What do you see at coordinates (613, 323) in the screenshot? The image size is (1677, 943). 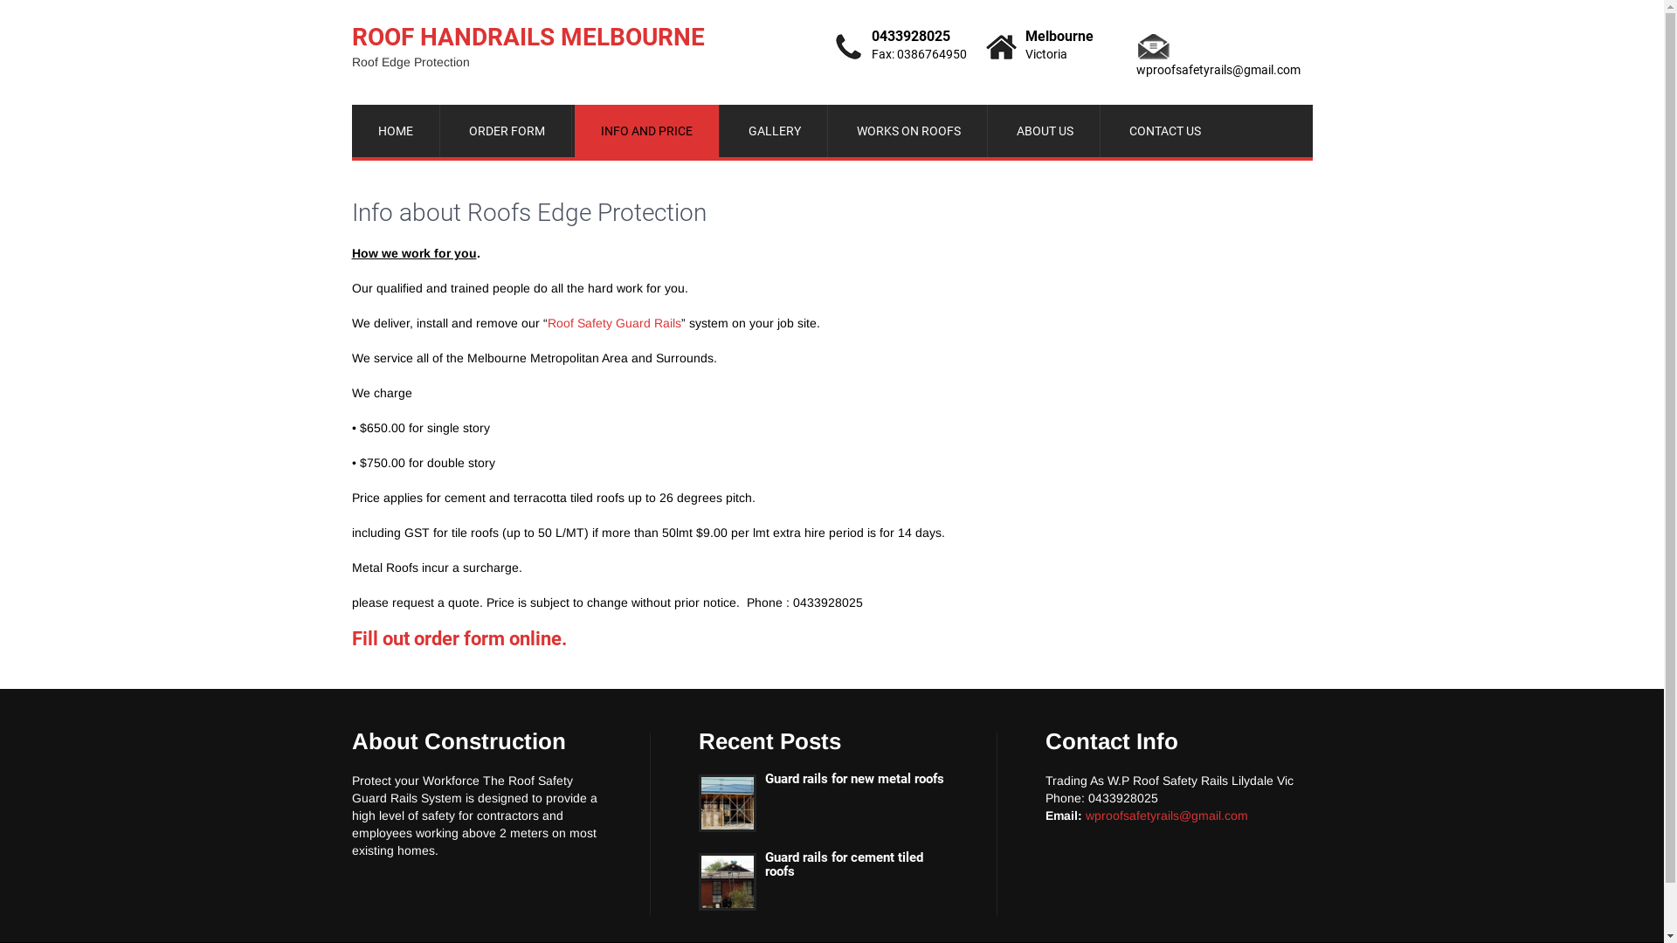 I see `'Roof Safety Guard Rails'` at bounding box center [613, 323].